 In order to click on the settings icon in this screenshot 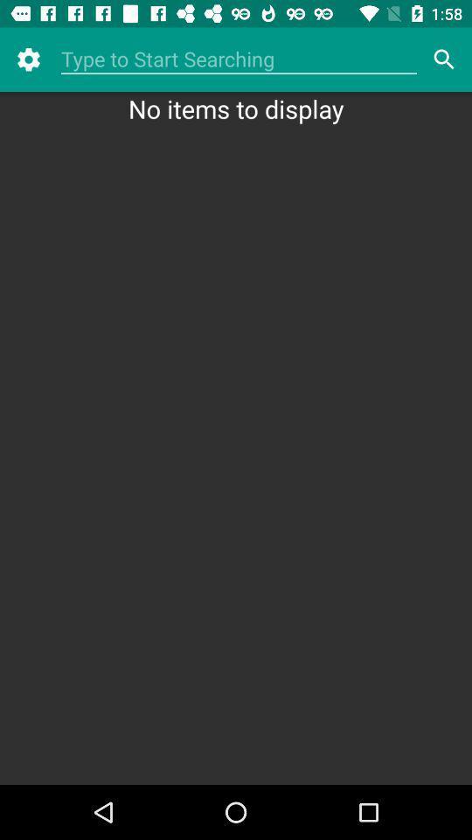, I will do `click(27, 59)`.